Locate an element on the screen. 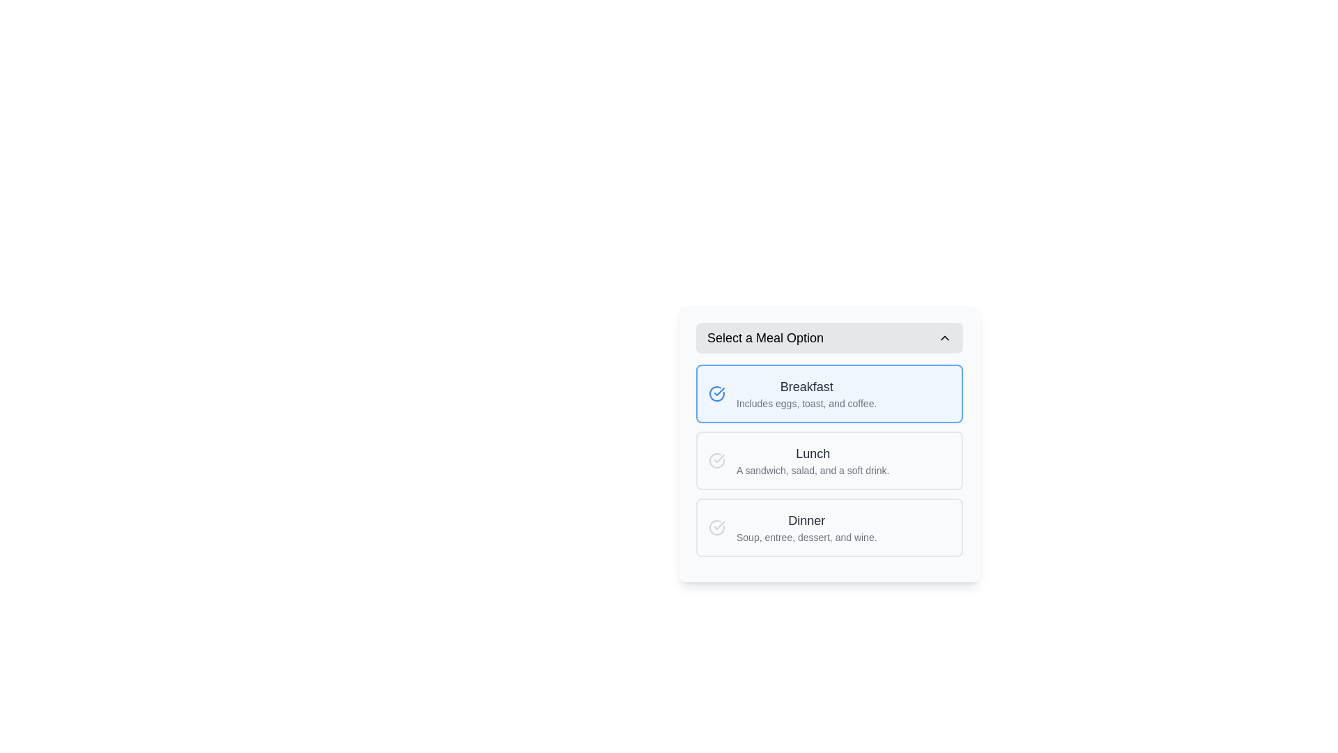 The width and height of the screenshot is (1338, 753). the Information display component that shows 'Breakfast' and its description 'Includes eggs, toast, and coffee.' located in the second position of the meal options list is located at coordinates (806, 393).